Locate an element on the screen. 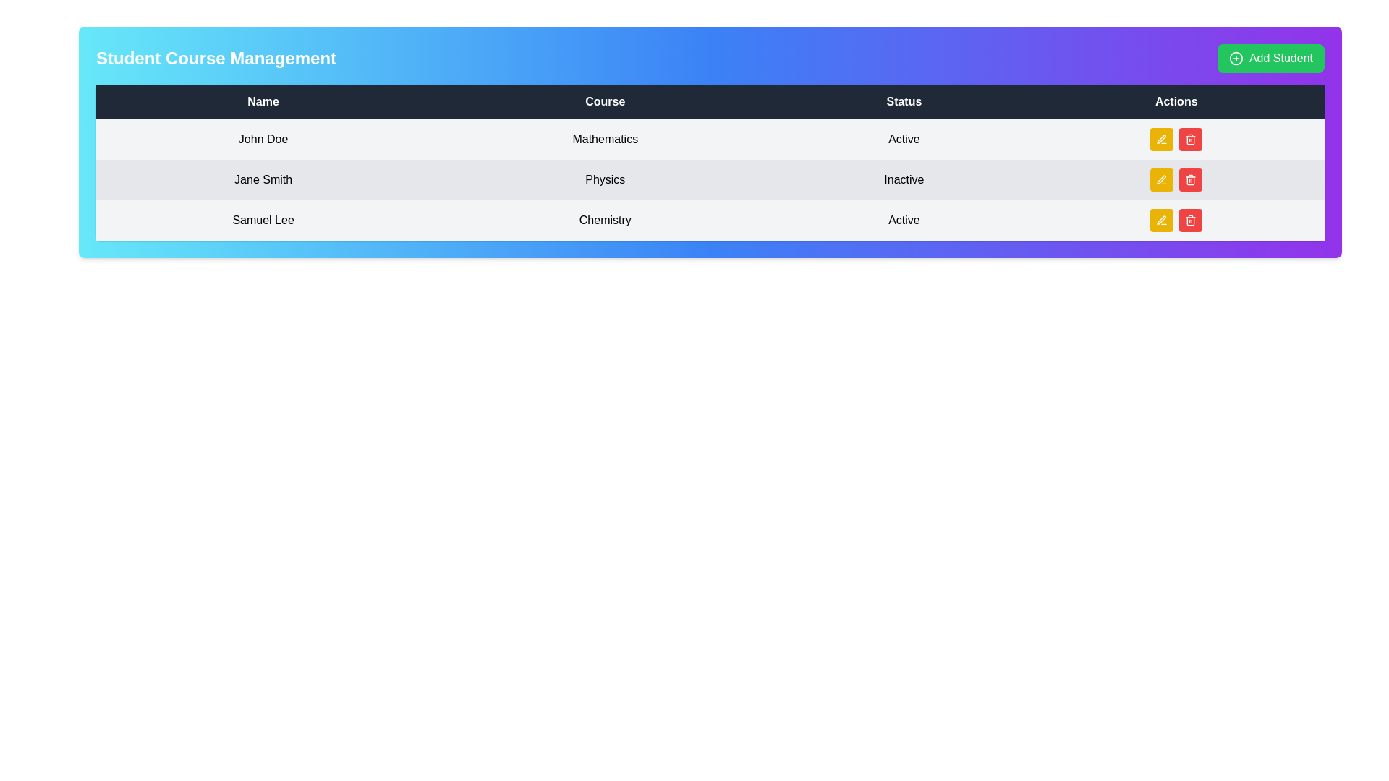 The height and width of the screenshot is (781, 1389). the edit button located in the 'Actions' column of the first row in the table is located at coordinates (1162, 139).